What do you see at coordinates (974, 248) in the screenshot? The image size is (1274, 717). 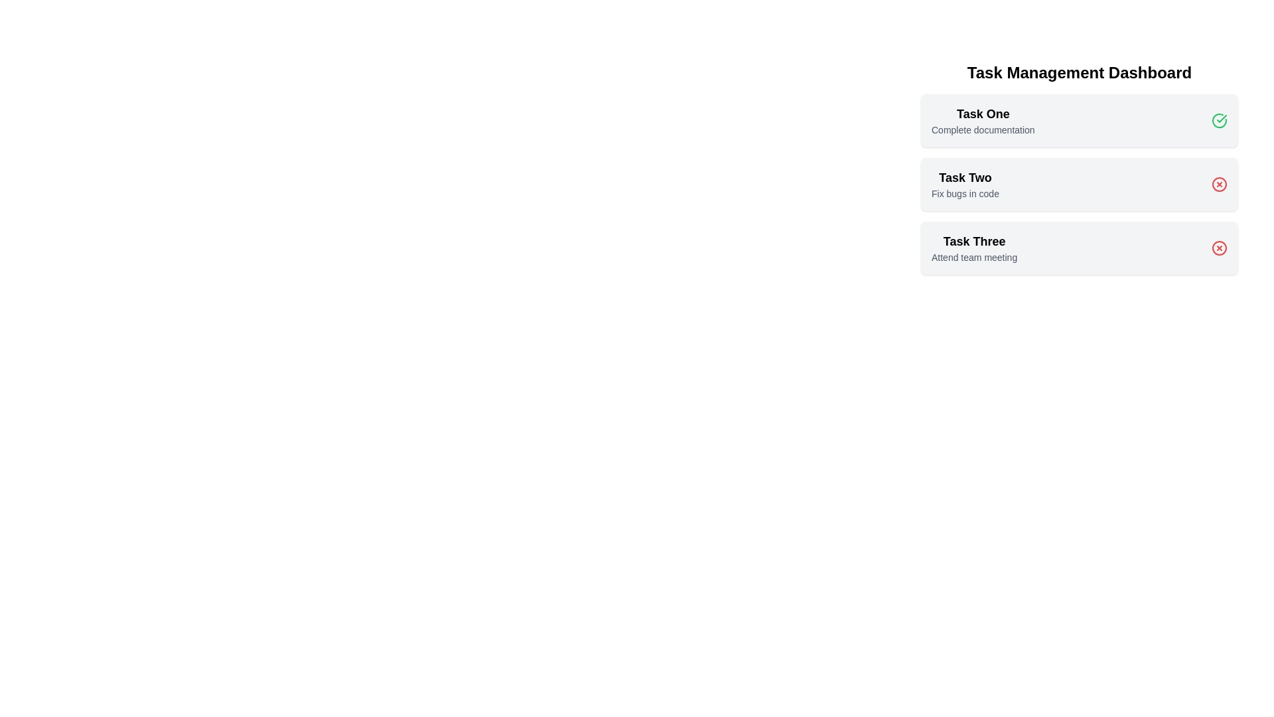 I see `the task item Task Three to open its context menu` at bounding box center [974, 248].